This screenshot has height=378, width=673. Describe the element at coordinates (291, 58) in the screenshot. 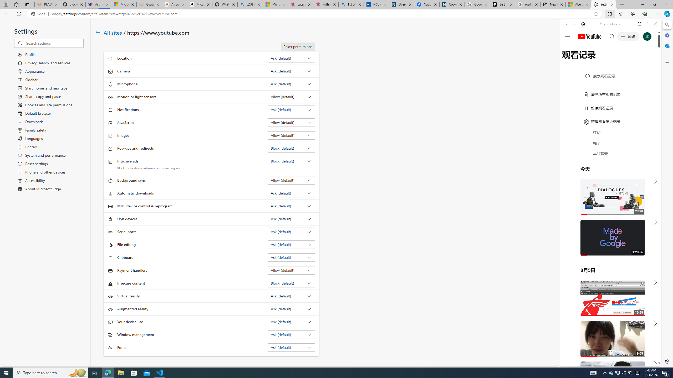

I see `'Location Ask (default)'` at that location.